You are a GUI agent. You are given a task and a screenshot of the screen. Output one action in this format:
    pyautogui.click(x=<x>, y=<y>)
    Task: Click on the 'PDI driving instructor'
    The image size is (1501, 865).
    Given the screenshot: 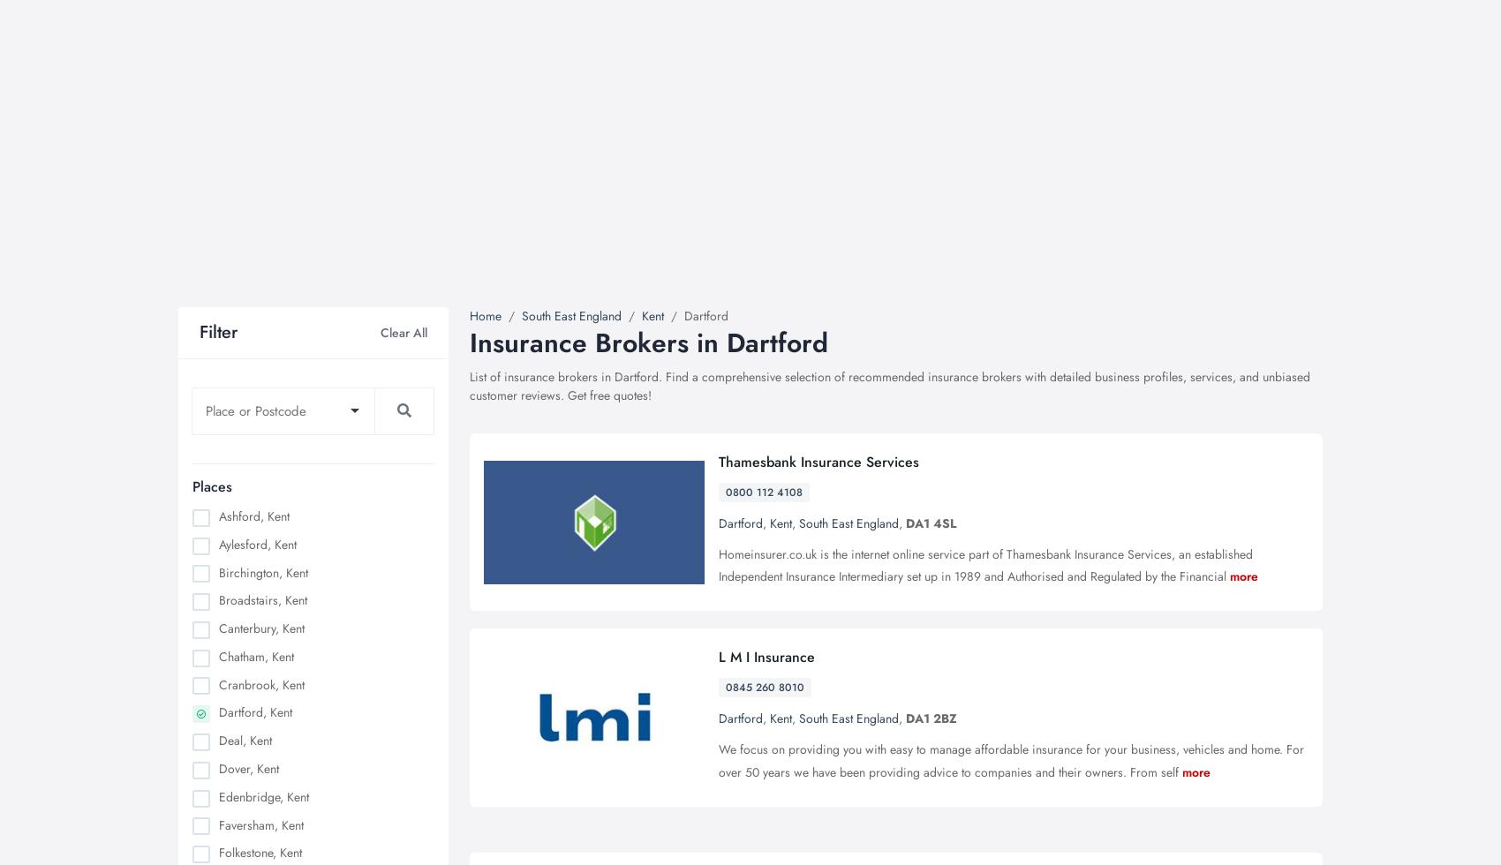 What is the action you would take?
    pyautogui.click(x=248, y=444)
    